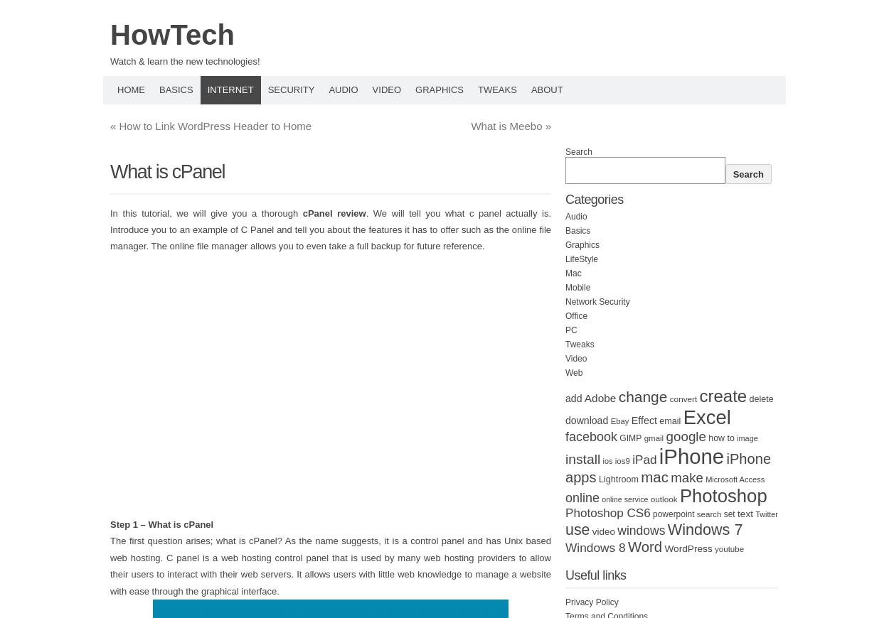 Image resolution: width=889 pixels, height=618 pixels. Describe the element at coordinates (654, 477) in the screenshot. I see `'mac'` at that location.